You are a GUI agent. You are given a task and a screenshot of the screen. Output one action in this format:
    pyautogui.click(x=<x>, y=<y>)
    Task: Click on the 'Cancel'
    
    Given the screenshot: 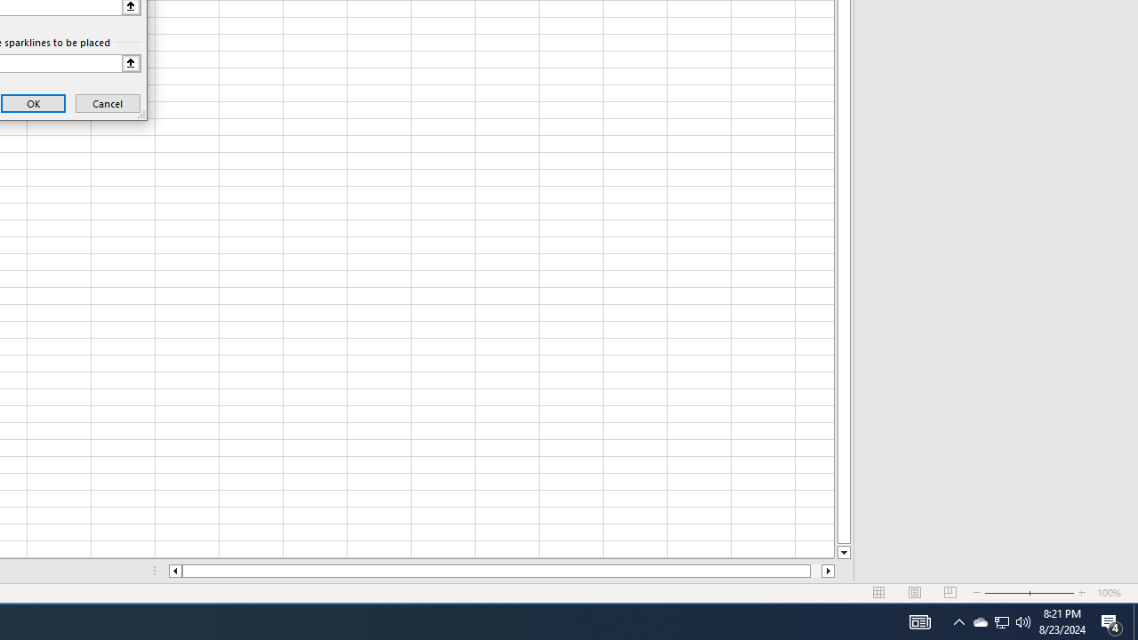 What is the action you would take?
    pyautogui.click(x=107, y=103)
    